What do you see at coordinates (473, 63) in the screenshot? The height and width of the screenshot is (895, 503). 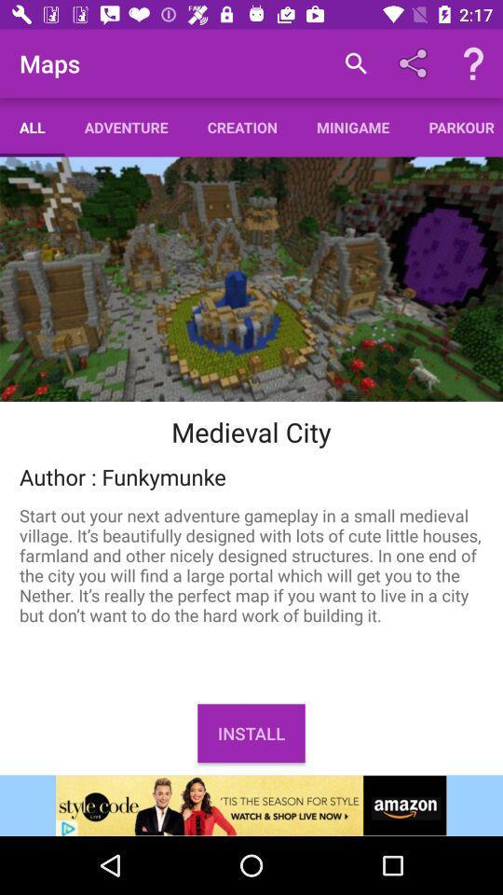 I see `get help` at bounding box center [473, 63].